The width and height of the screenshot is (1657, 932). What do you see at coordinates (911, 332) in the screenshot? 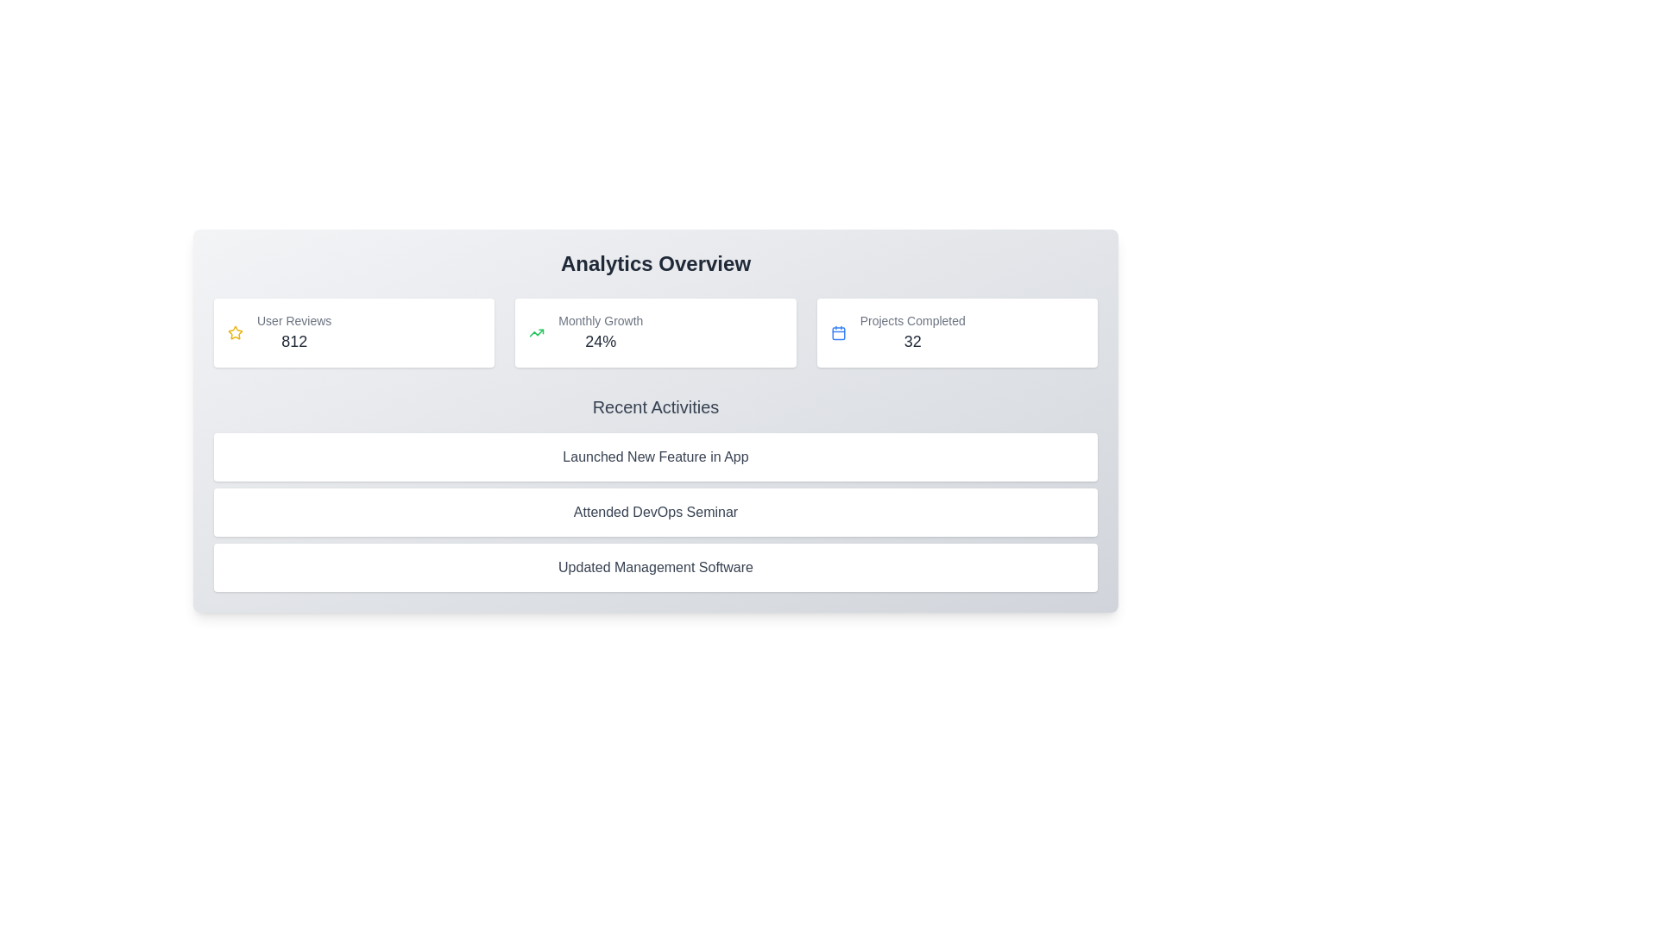
I see `the static text element displaying the numeric value '32' beneath the label 'Projects Completed' in the top-right card of the 'Analytics Overview'` at bounding box center [911, 332].